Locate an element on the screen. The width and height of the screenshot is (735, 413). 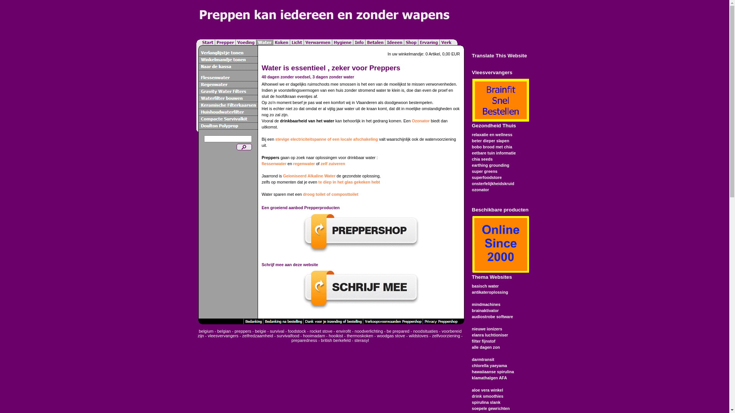
'beter dieper slapen' is located at coordinates (471, 140).